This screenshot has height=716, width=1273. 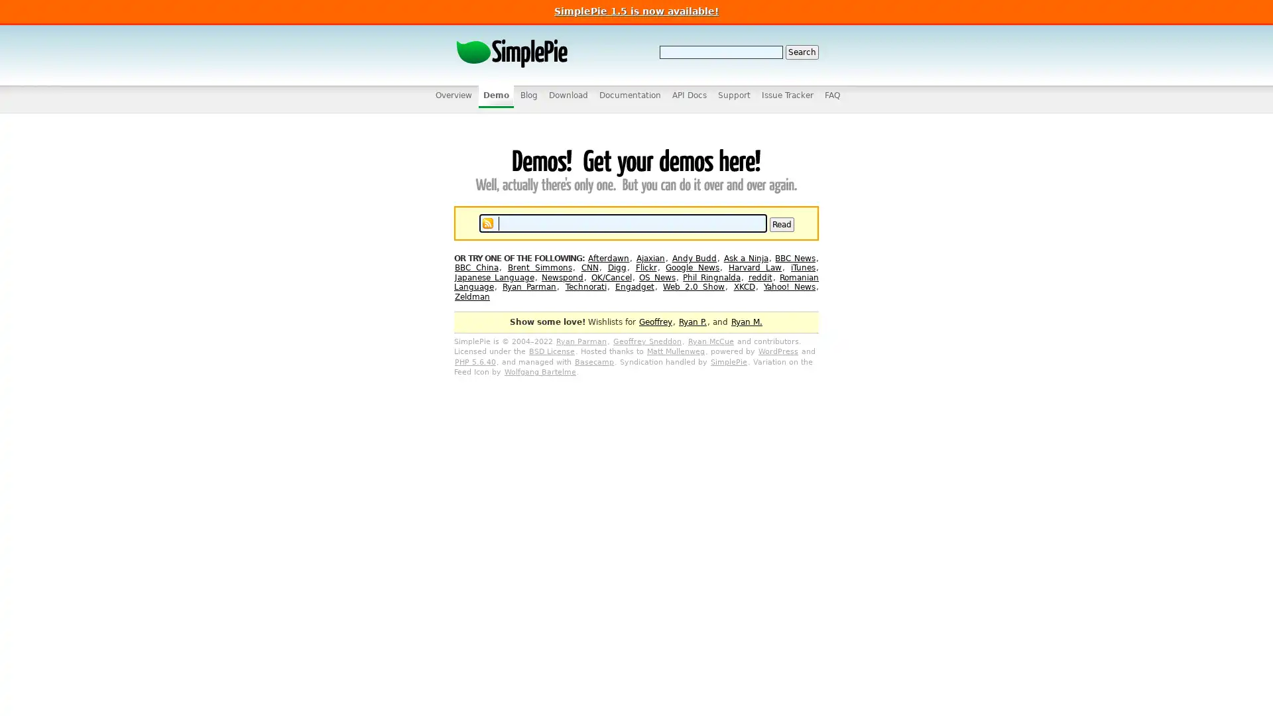 What do you see at coordinates (801, 51) in the screenshot?
I see `Search` at bounding box center [801, 51].